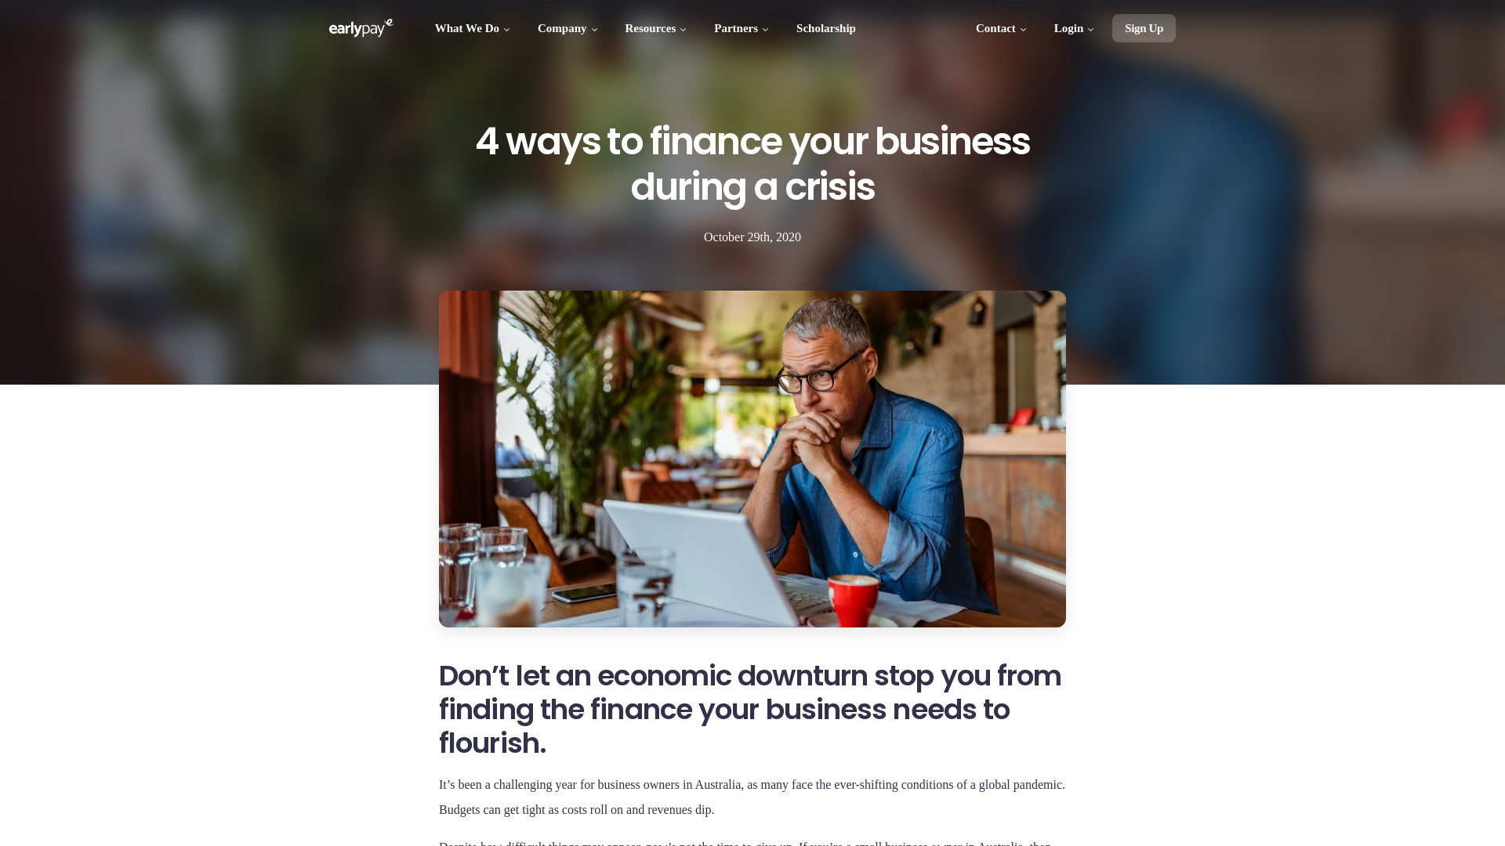  I want to click on 'Sign Up', so click(1144, 27).